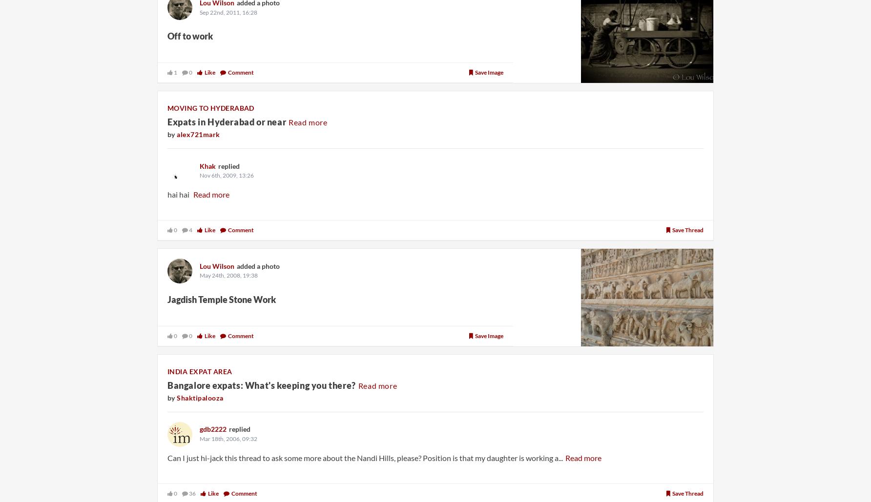 The height and width of the screenshot is (502, 871). Describe the element at coordinates (198, 133) in the screenshot. I see `'alex721mark'` at that location.